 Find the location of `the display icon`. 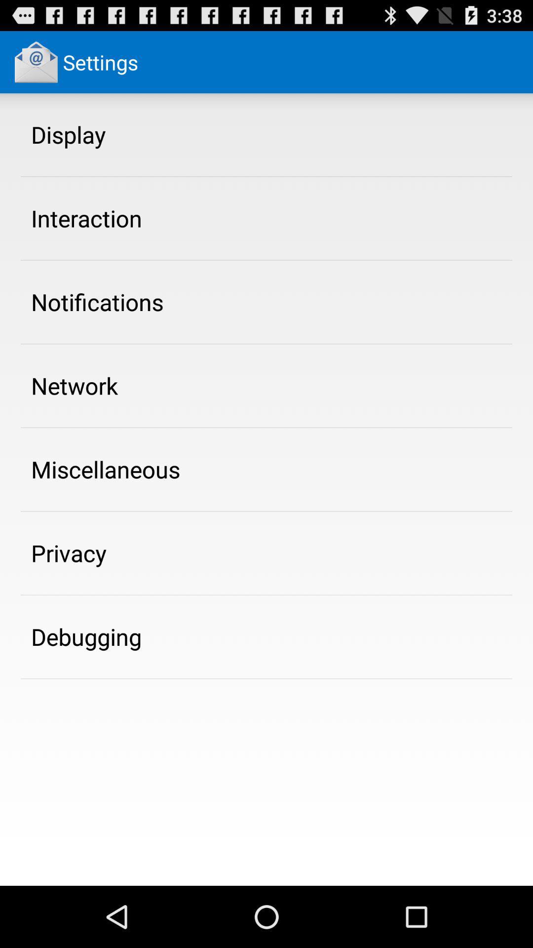

the display icon is located at coordinates (68, 134).